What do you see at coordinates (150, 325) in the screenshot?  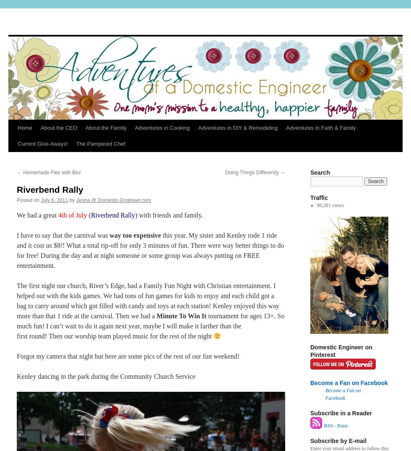 I see `'tournament for ages 13+. So much fun! I can’t wait to do it again next year, maybe I will make it farther than the first round! Then our worship team played music for the rest of the night'` at bounding box center [150, 325].